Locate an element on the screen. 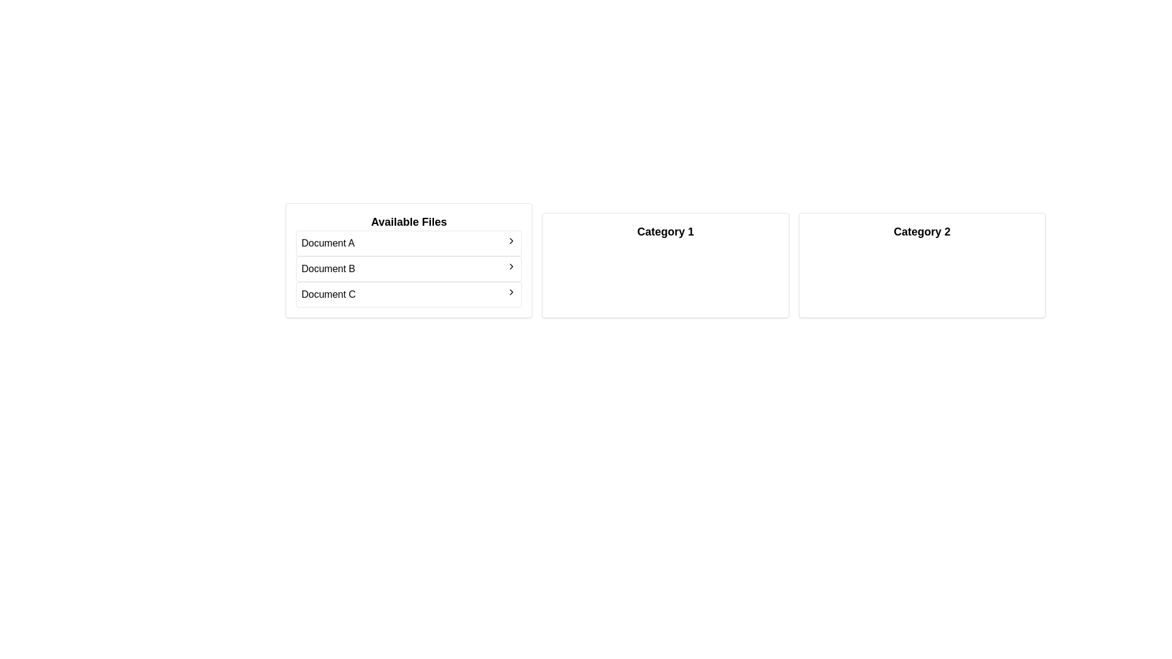  arrow next to the file Document B to transfer it to the category is located at coordinates (512, 265).